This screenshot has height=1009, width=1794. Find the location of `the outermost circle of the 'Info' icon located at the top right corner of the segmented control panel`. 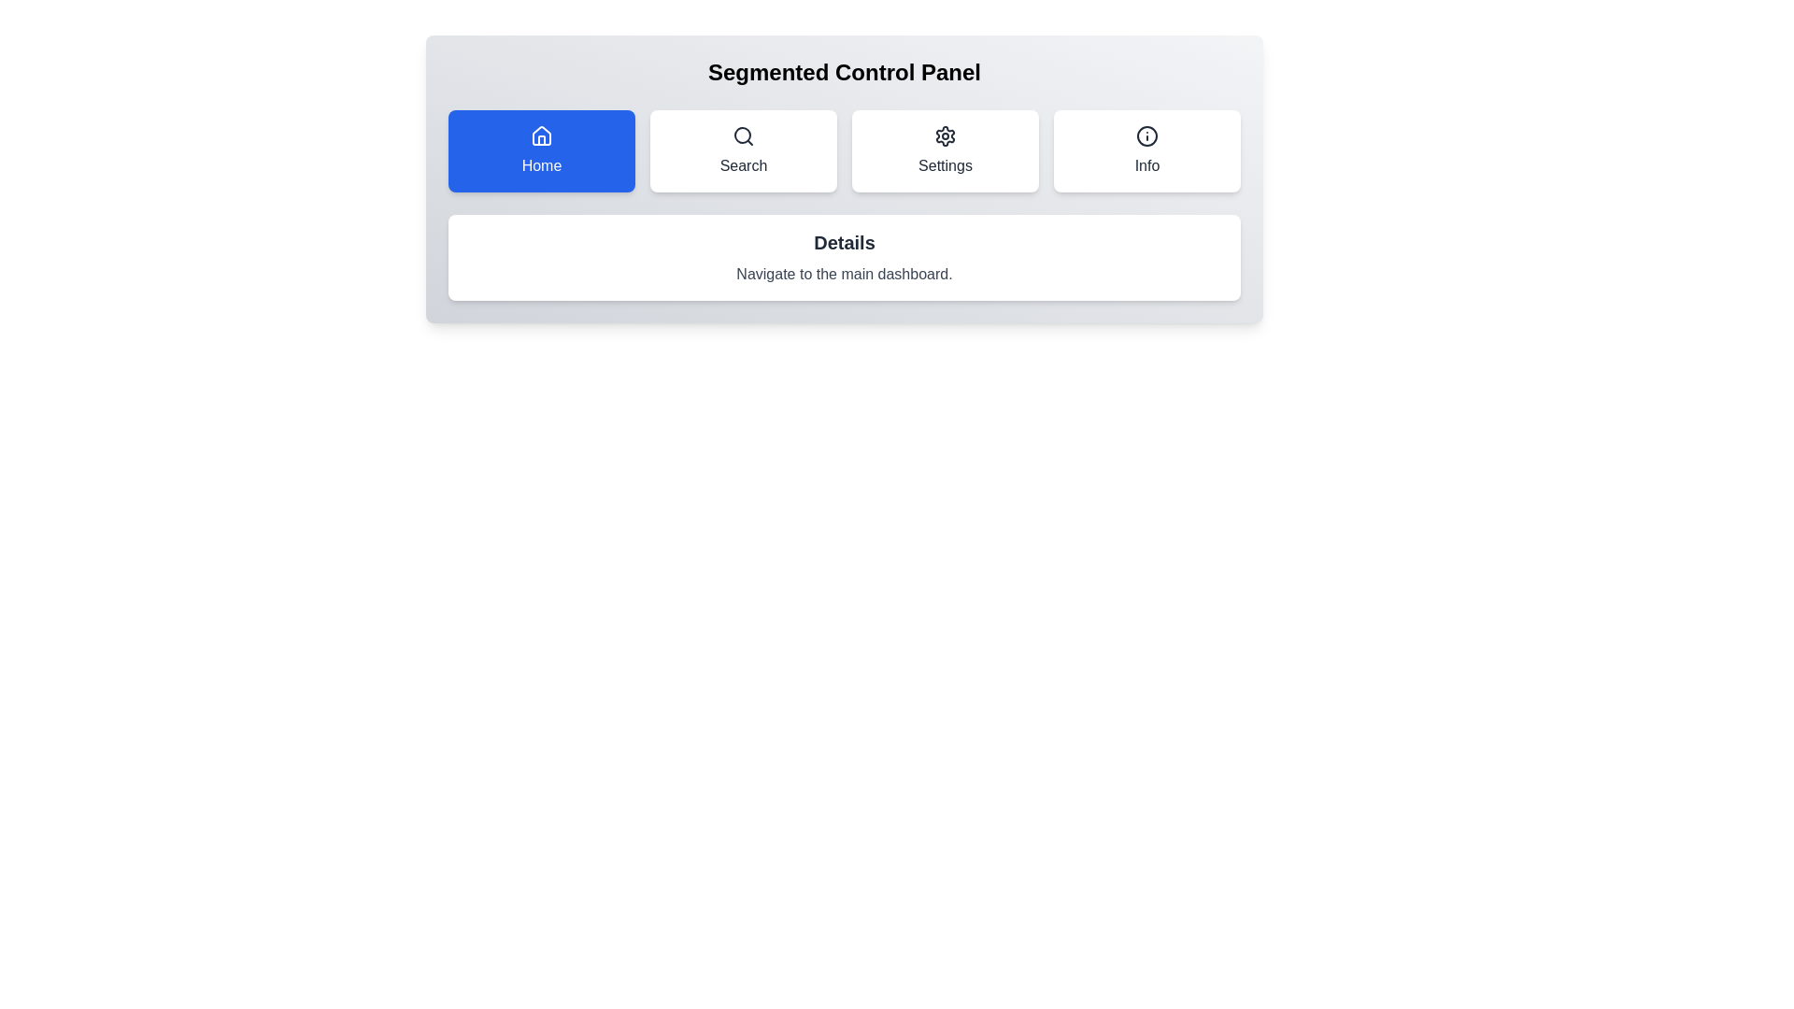

the outermost circle of the 'Info' icon located at the top right corner of the segmented control panel is located at coordinates (1146, 135).